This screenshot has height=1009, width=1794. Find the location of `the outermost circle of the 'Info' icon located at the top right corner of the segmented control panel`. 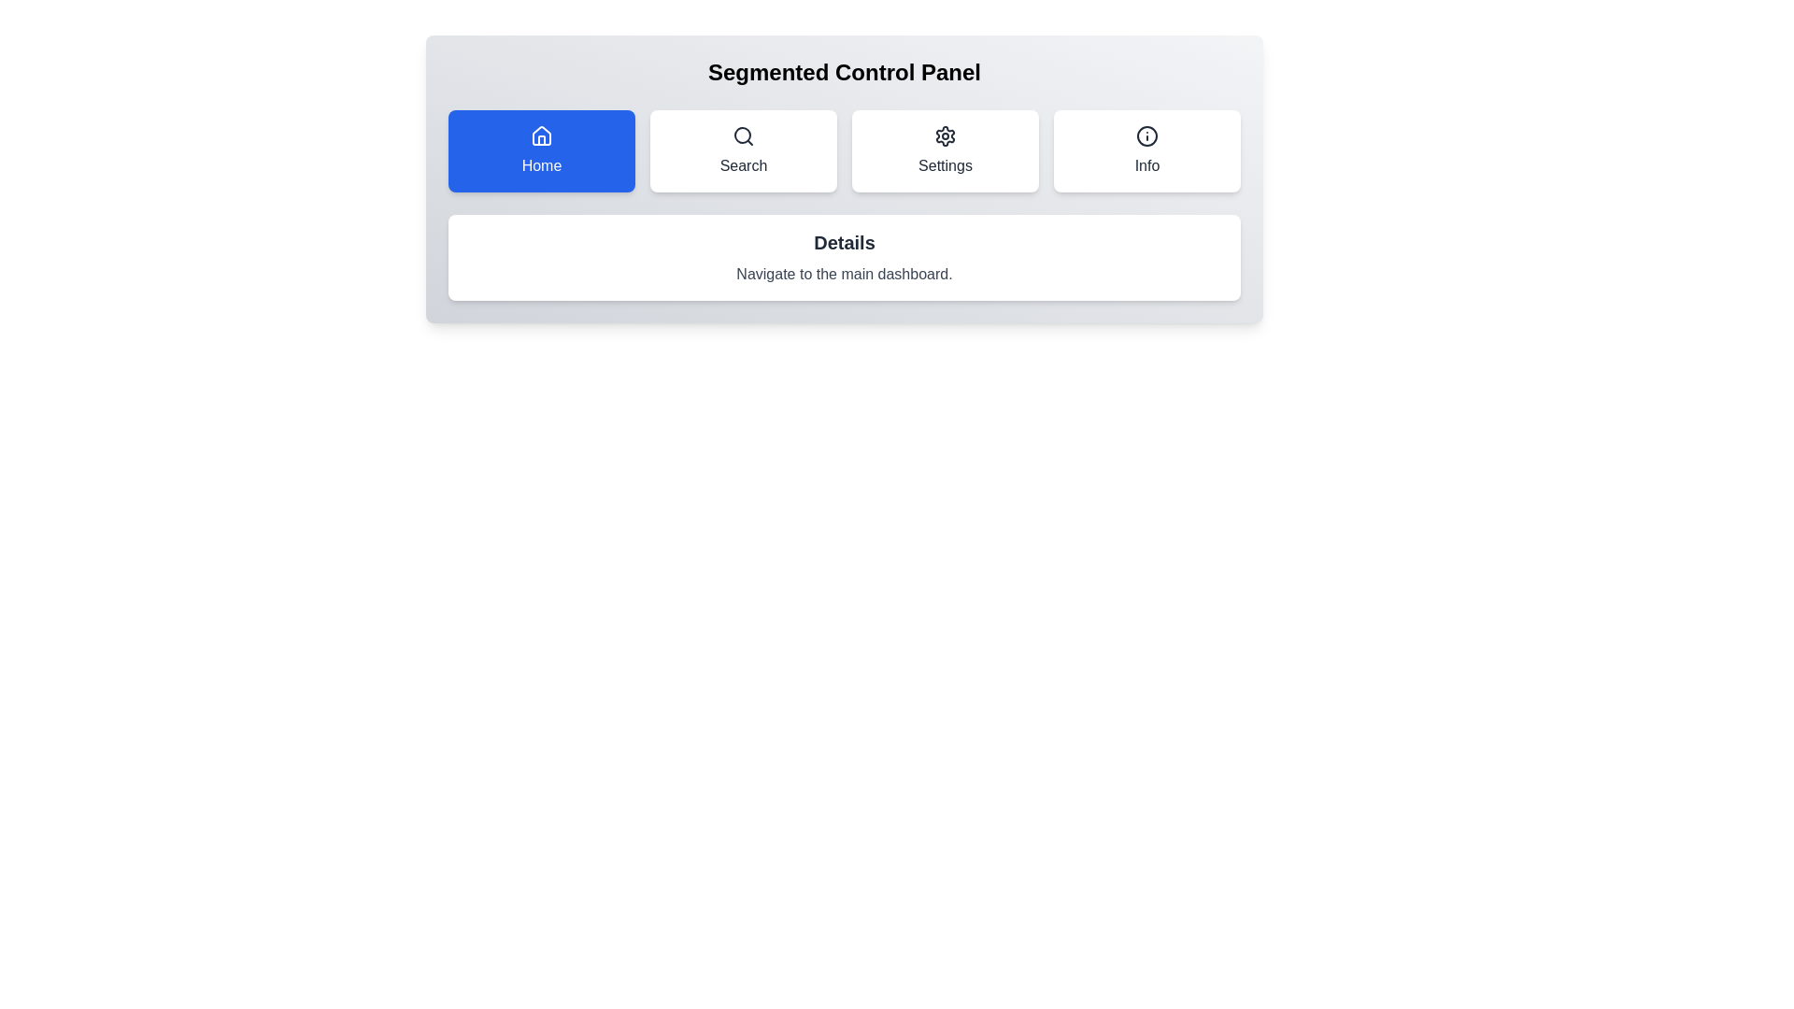

the outermost circle of the 'Info' icon located at the top right corner of the segmented control panel is located at coordinates (1146, 135).